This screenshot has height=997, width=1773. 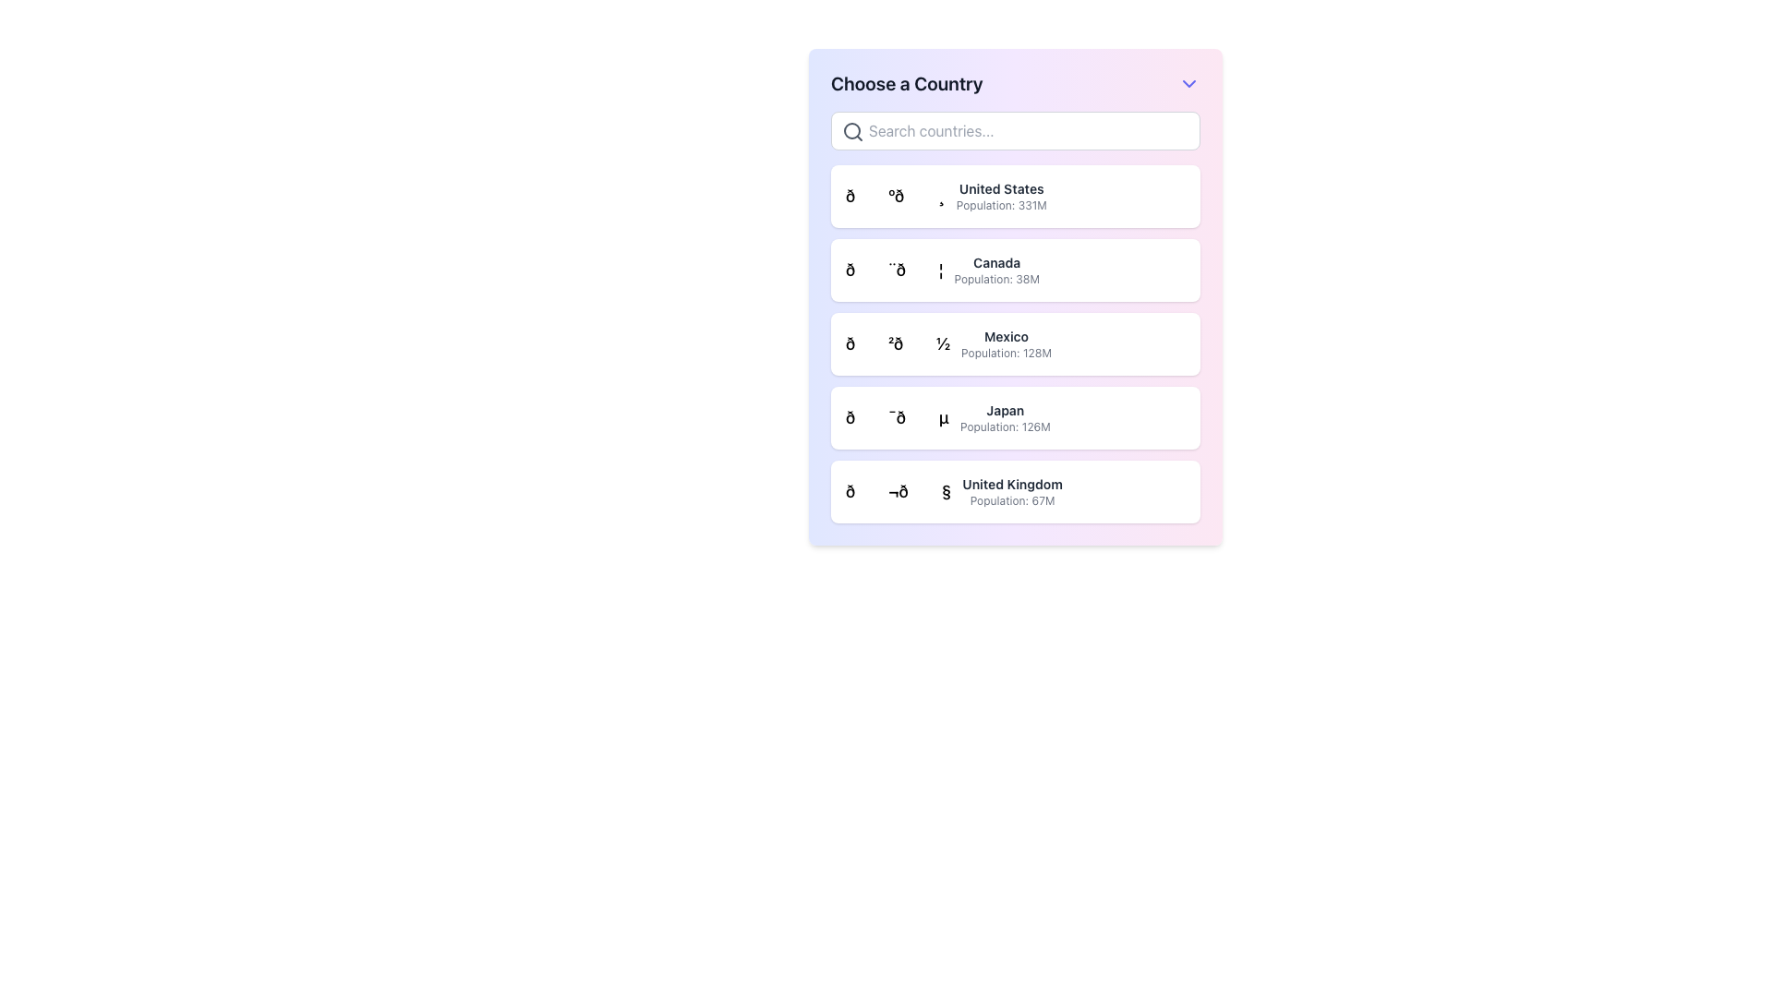 I want to click on the selectable list item representing 'Canada', so click(x=1014, y=270).